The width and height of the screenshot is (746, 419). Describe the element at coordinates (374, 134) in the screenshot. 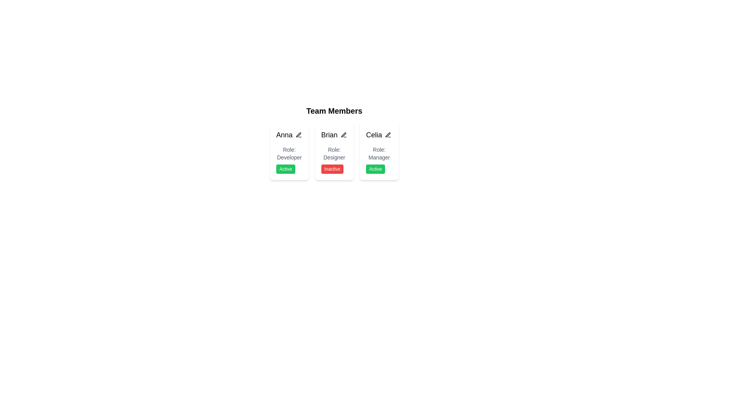

I see `the static text label displaying the name 'Celia', which acts as the title for the third card in a horizontal row of cards` at that location.